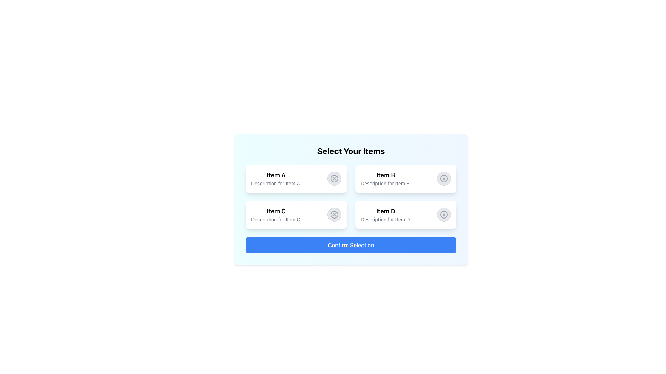 This screenshot has width=666, height=374. I want to click on the text heading that reads 'Select Your Items', which is bold and centered at the top of the item selection card, so click(351, 150).